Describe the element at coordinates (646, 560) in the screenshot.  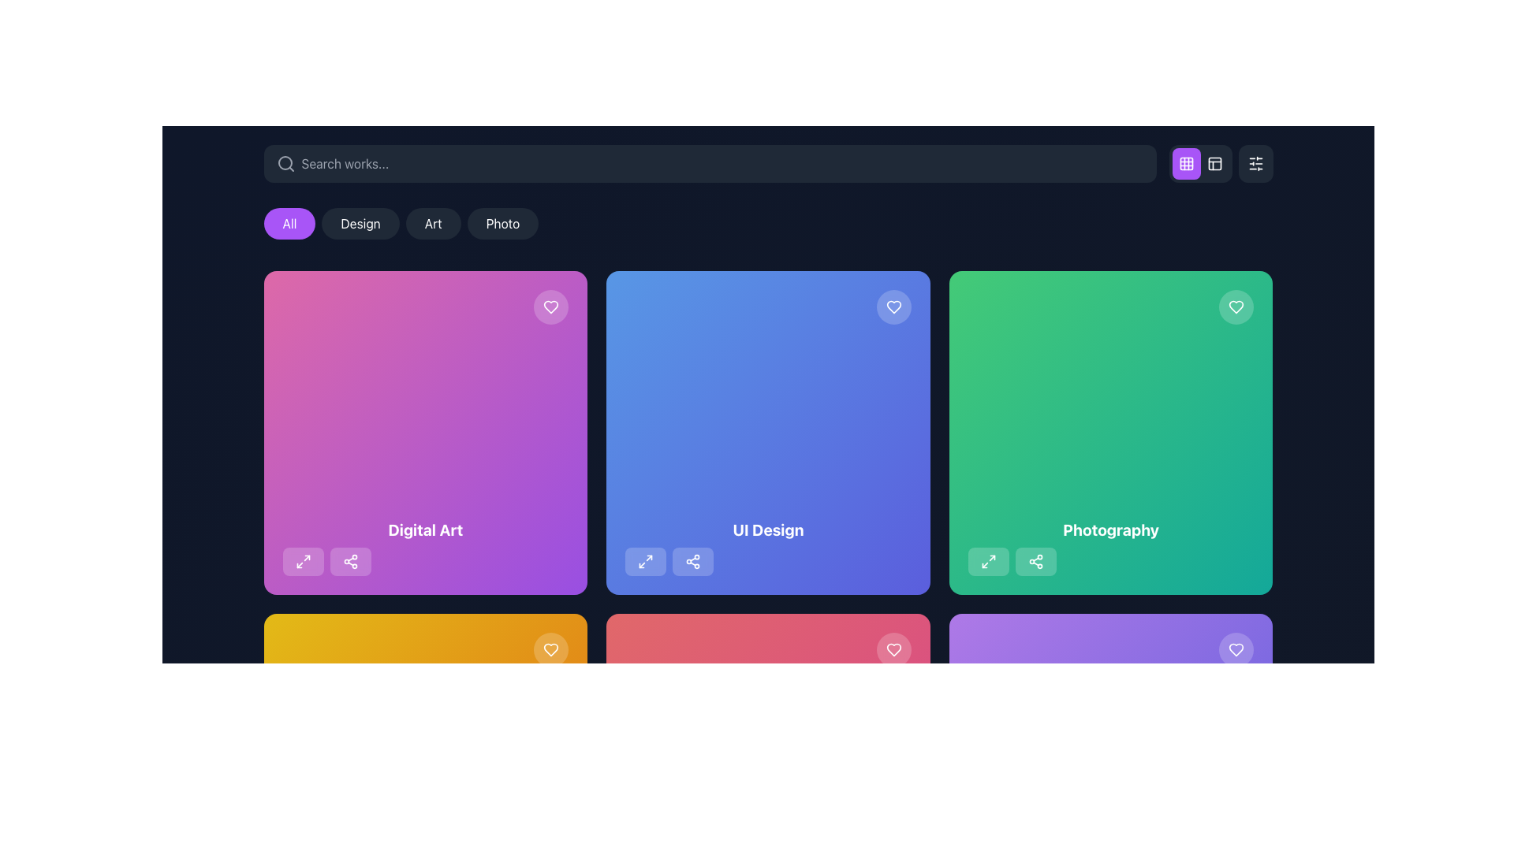
I see `the leftmost button in the group below the blue card titled 'UI Design'` at that location.